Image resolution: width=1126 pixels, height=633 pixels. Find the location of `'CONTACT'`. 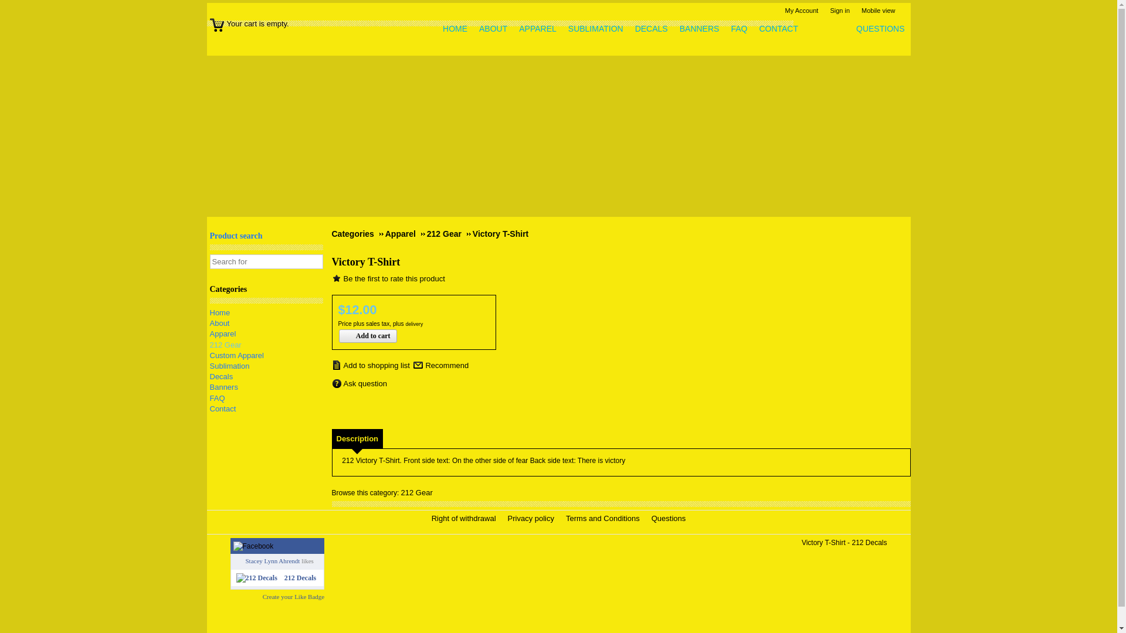

'CONTACT' is located at coordinates (781, 28).